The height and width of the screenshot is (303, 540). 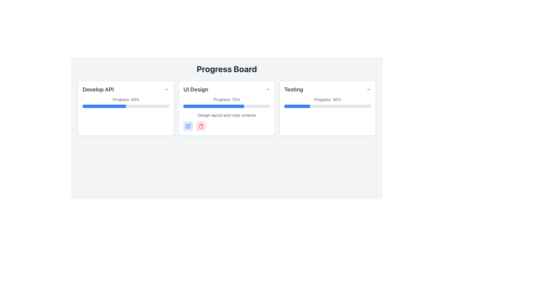 What do you see at coordinates (327, 106) in the screenshot?
I see `the progress bar located within the 'Testing' card, below the text 'Progress: 30%', which has a light gray background and a blue segment indicating progress` at bounding box center [327, 106].